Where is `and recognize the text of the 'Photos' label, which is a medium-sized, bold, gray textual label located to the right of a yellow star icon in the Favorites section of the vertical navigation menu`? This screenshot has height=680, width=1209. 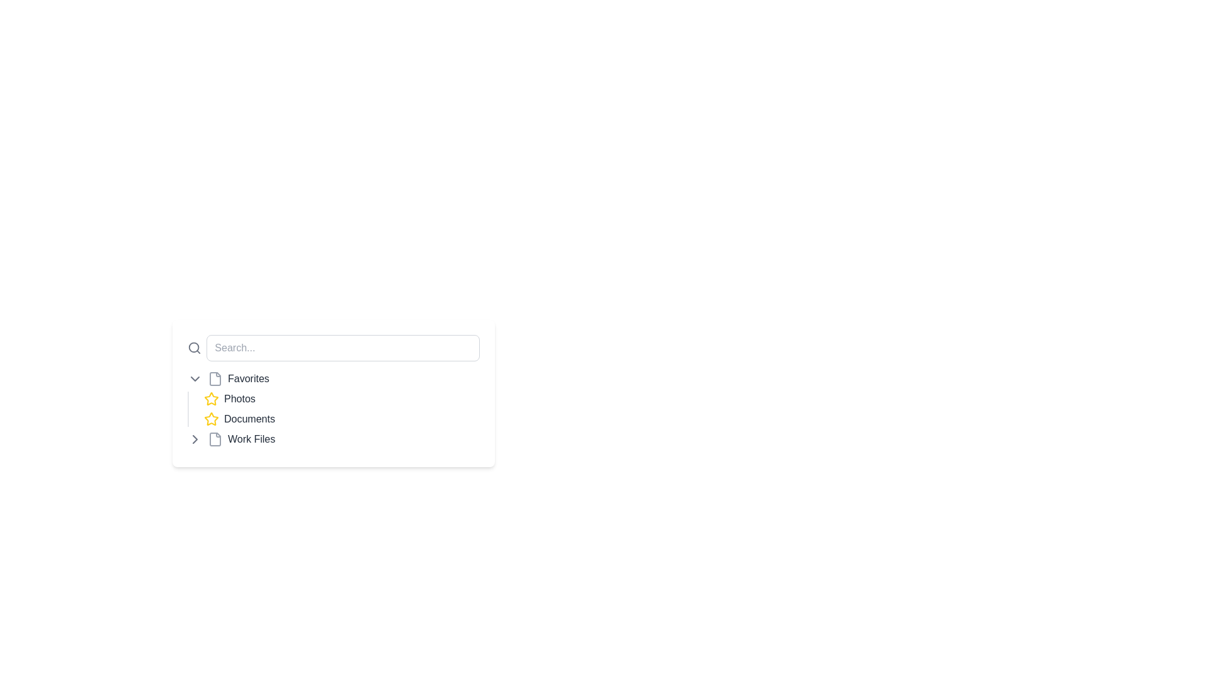 and recognize the text of the 'Photos' label, which is a medium-sized, bold, gray textual label located to the right of a yellow star icon in the Favorites section of the vertical navigation menu is located at coordinates (239, 399).